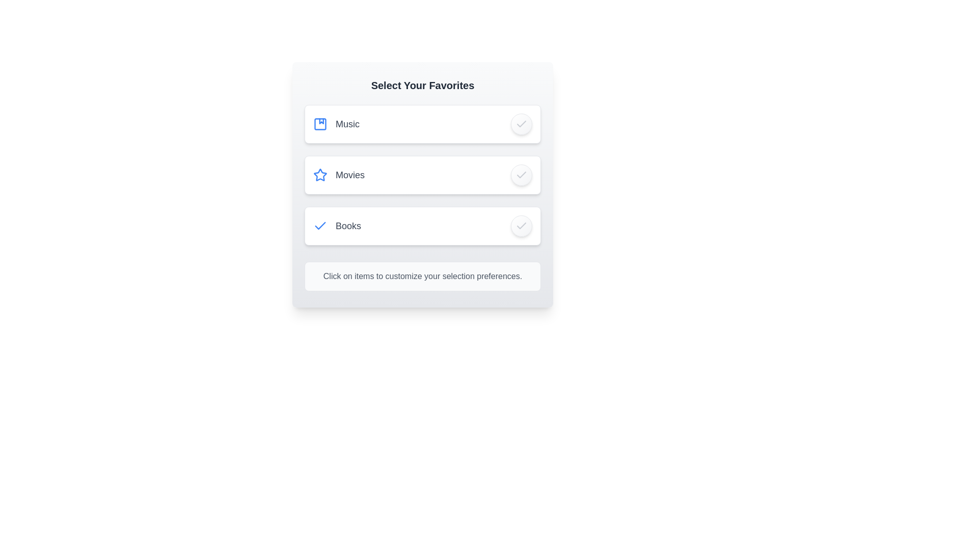 The image size is (978, 550). Describe the element at coordinates (423, 174) in the screenshot. I see `the second option row labeled 'Movies' in the vertically stacked option list` at that location.